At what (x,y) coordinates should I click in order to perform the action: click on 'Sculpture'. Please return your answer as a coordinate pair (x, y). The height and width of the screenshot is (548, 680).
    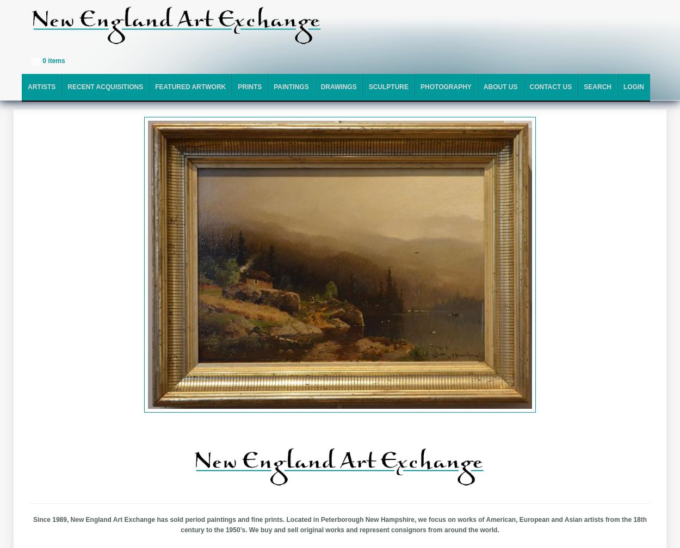
    Looking at the image, I should click on (388, 86).